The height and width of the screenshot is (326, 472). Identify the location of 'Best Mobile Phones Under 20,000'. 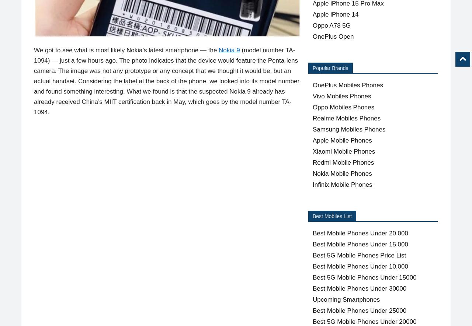
(360, 233).